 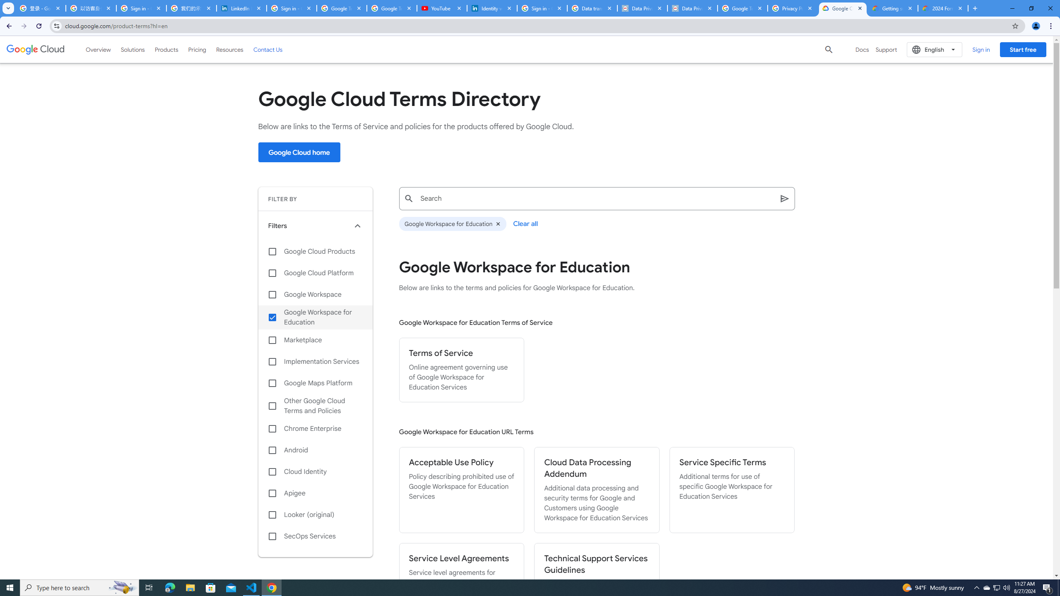 I want to click on 'Pricing', so click(x=197, y=49).